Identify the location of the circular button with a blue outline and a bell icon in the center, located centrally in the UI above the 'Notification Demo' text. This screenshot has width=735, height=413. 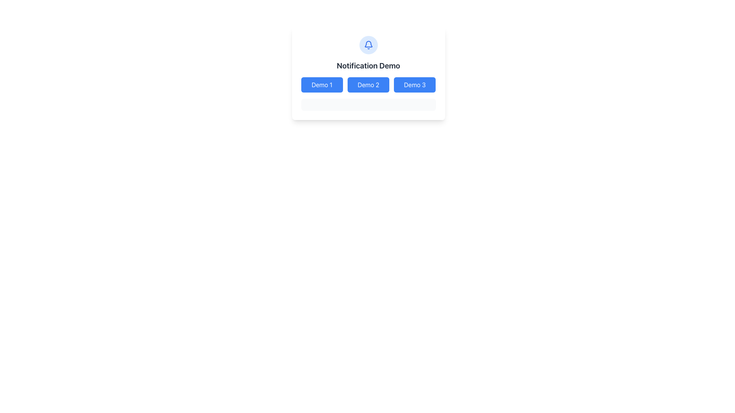
(368, 45).